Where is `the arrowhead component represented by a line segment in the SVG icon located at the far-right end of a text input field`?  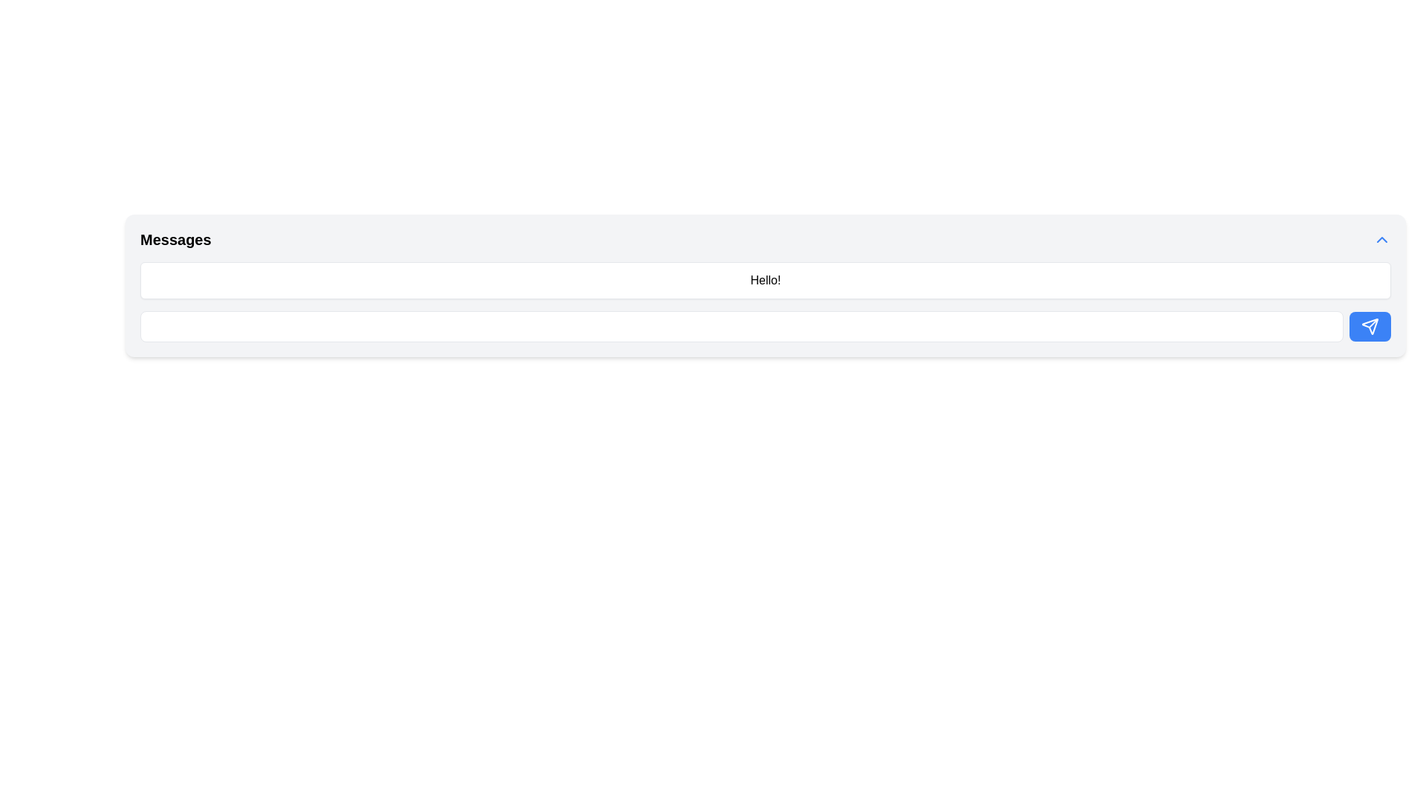
the arrowhead component represented by a line segment in the SVG icon located at the far-right end of a text input field is located at coordinates (1373, 322).